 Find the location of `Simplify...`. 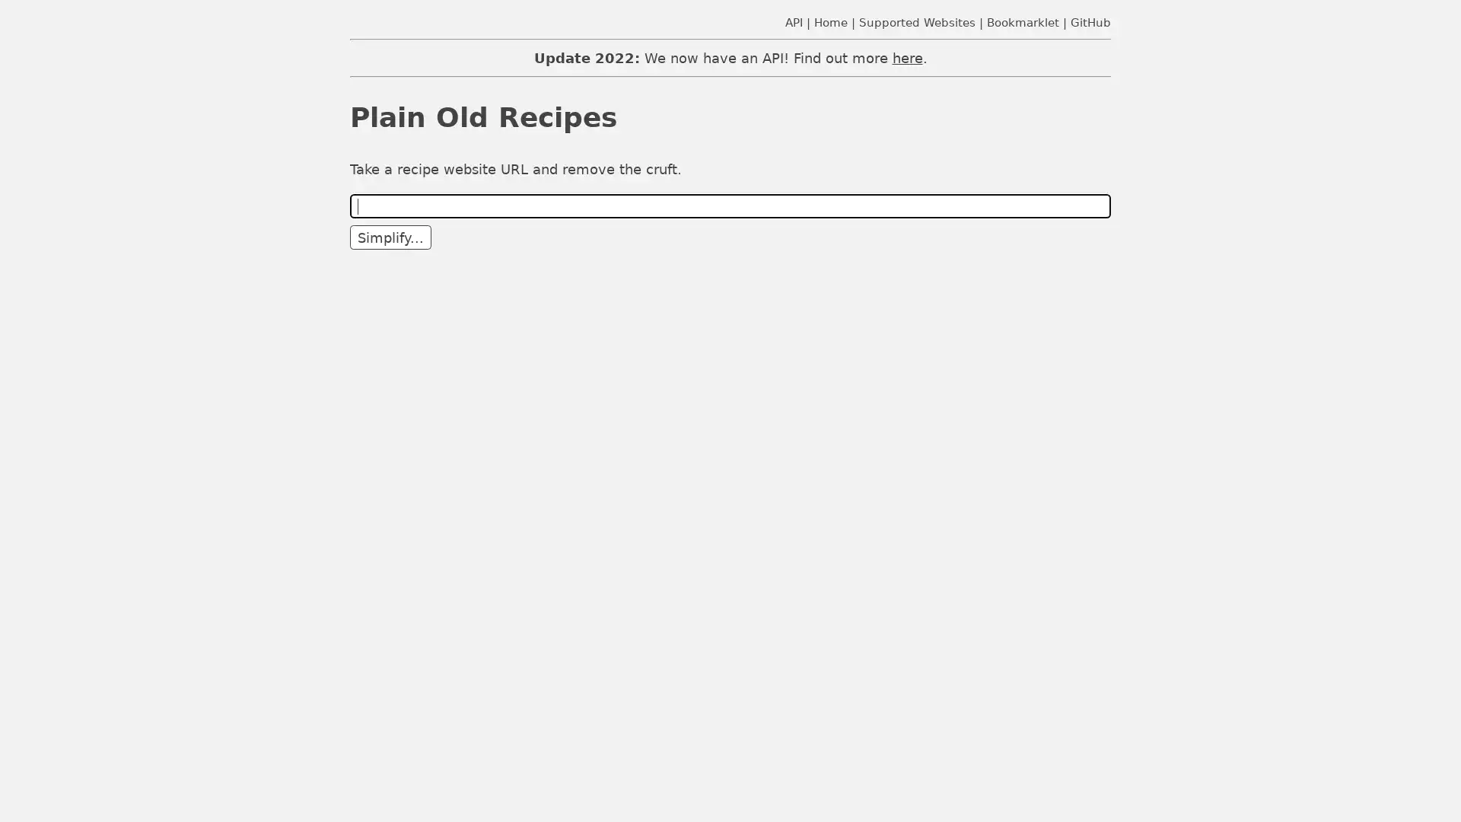

Simplify... is located at coordinates (390, 237).